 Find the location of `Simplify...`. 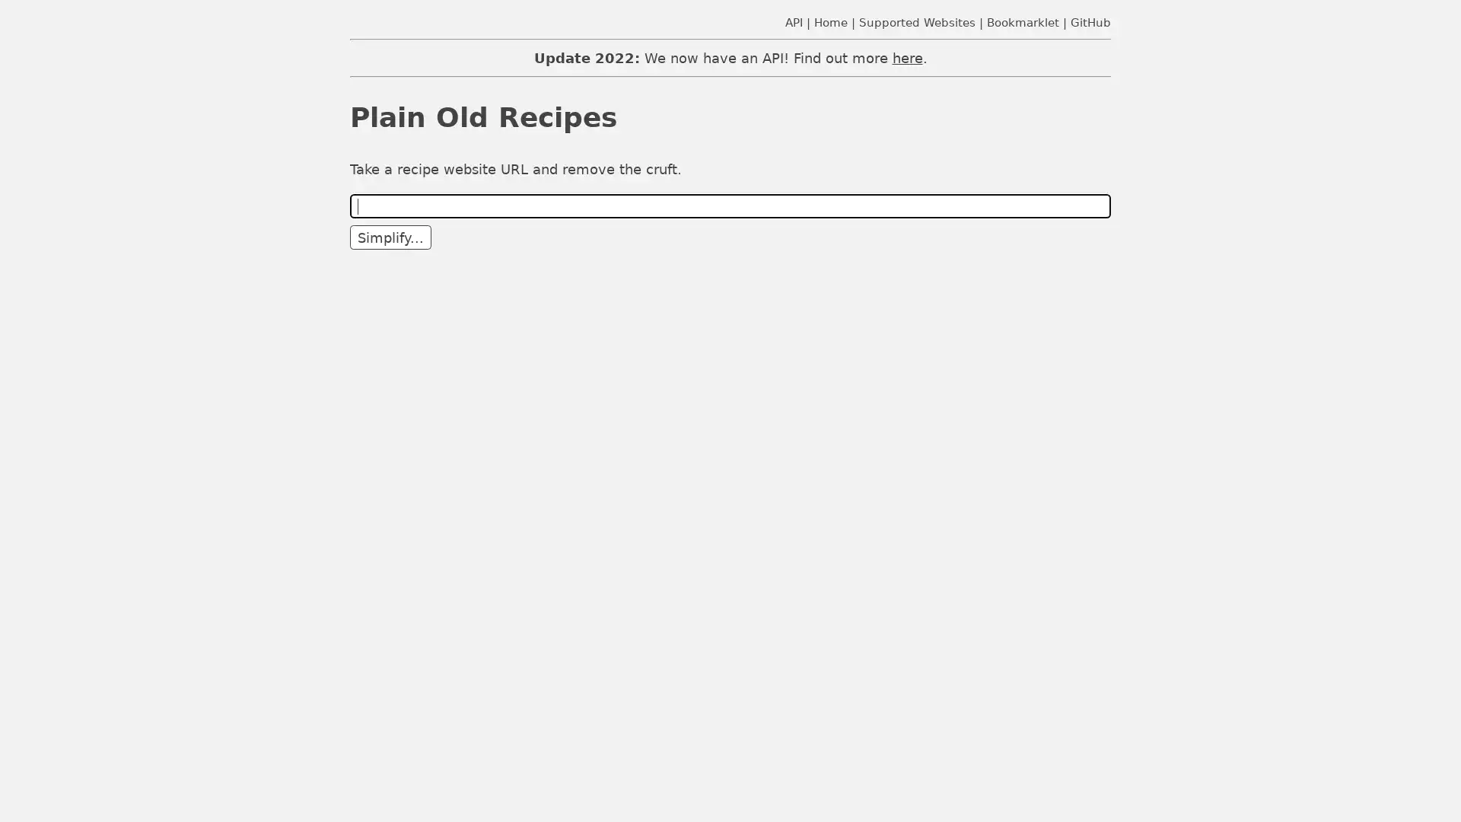

Simplify... is located at coordinates (390, 237).